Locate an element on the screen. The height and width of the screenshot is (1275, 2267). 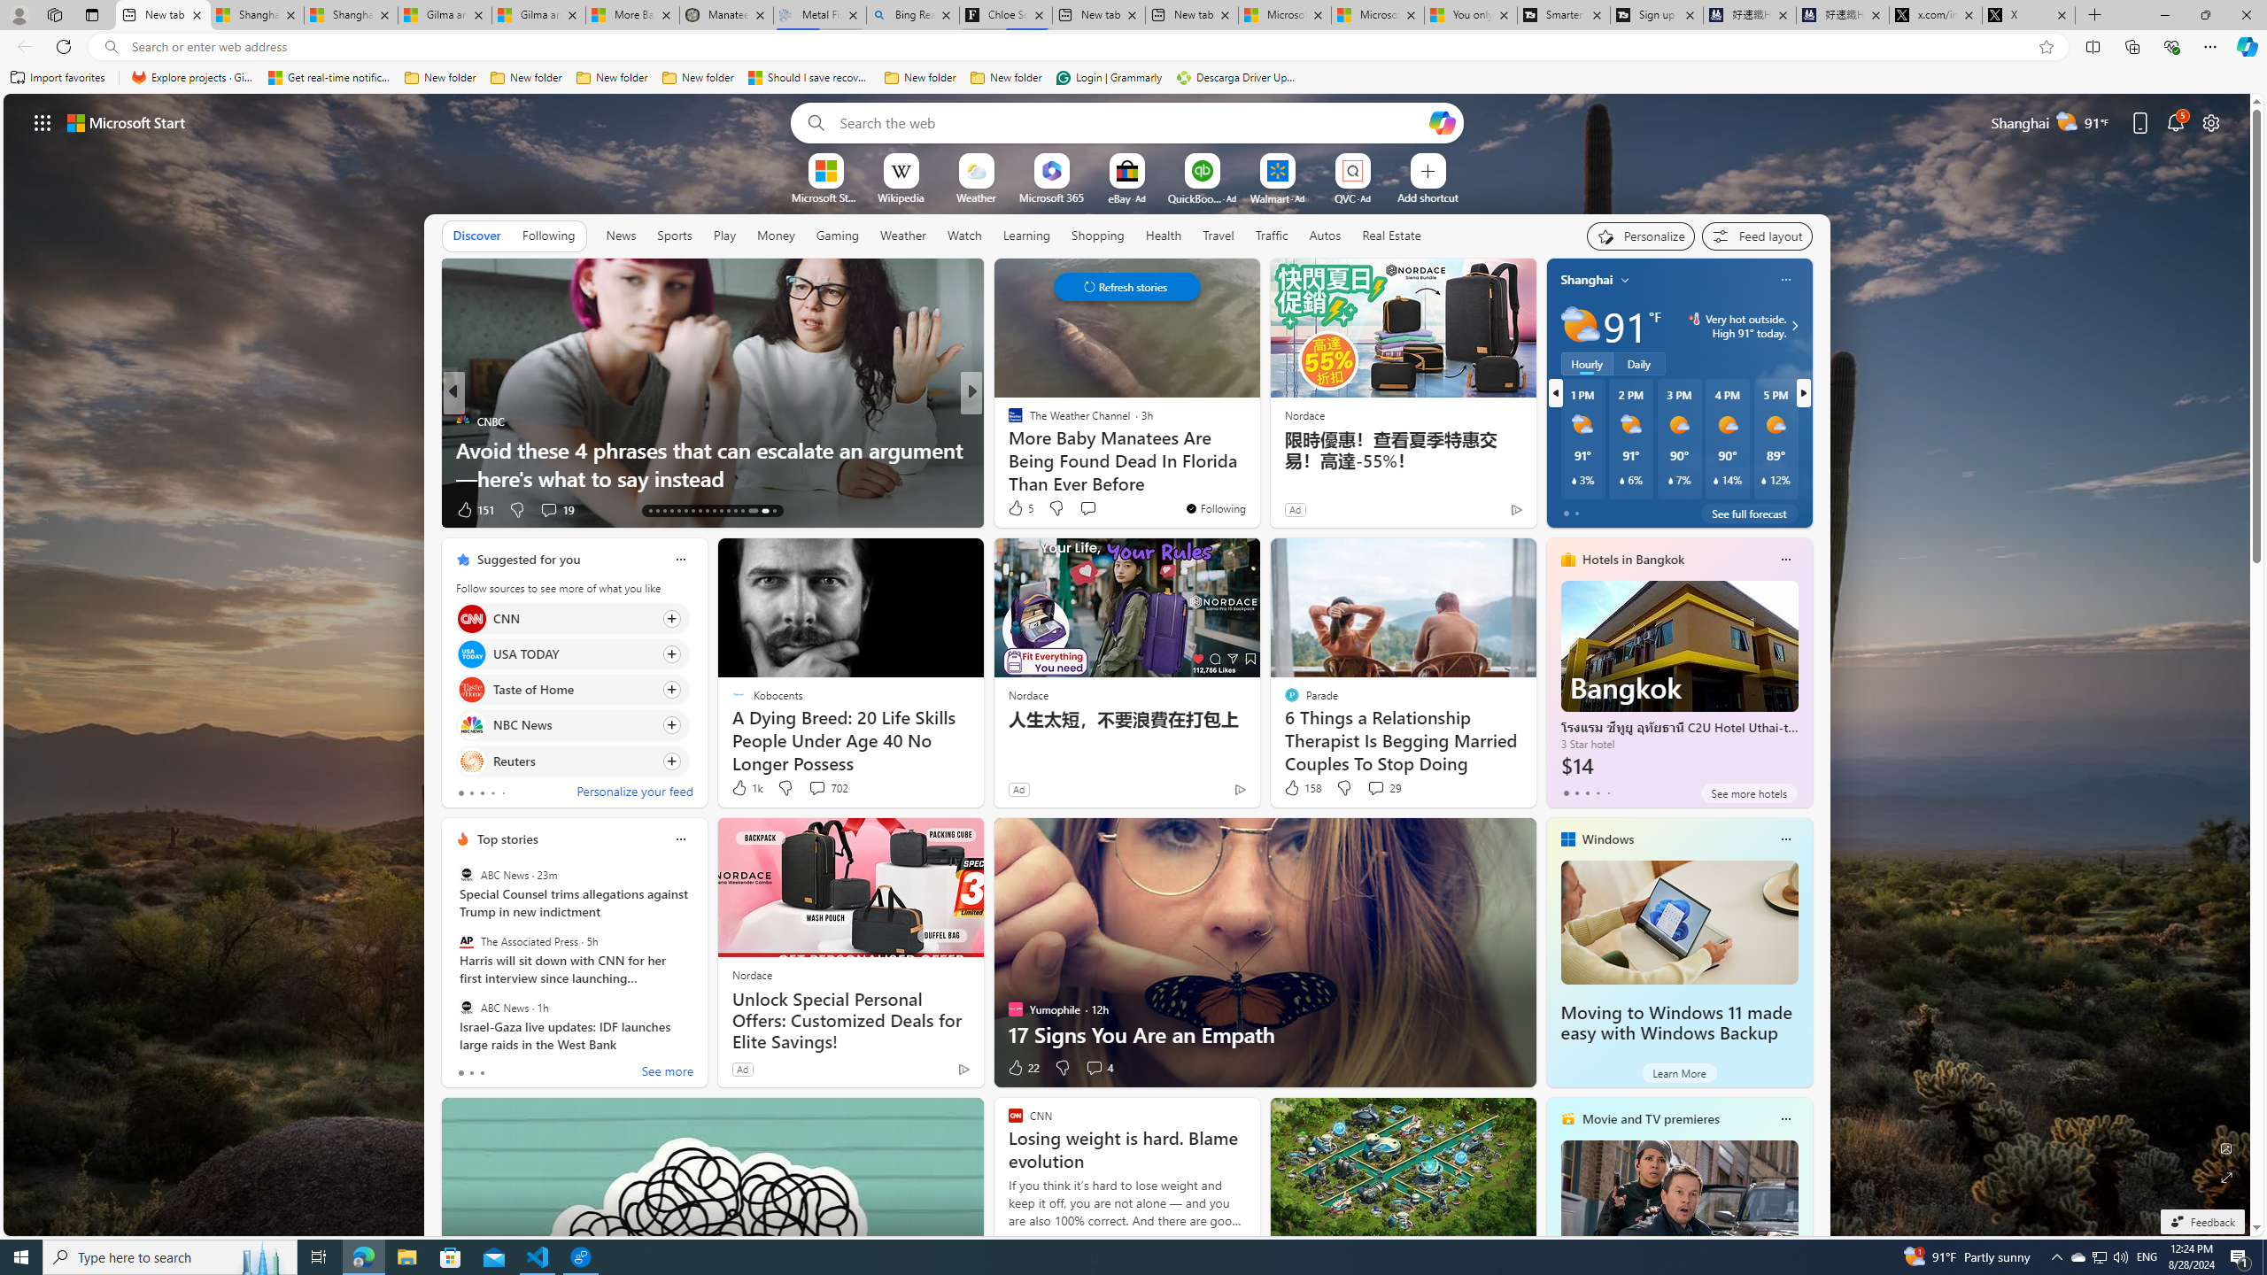
'USA TODAY' is located at coordinates (470, 652).